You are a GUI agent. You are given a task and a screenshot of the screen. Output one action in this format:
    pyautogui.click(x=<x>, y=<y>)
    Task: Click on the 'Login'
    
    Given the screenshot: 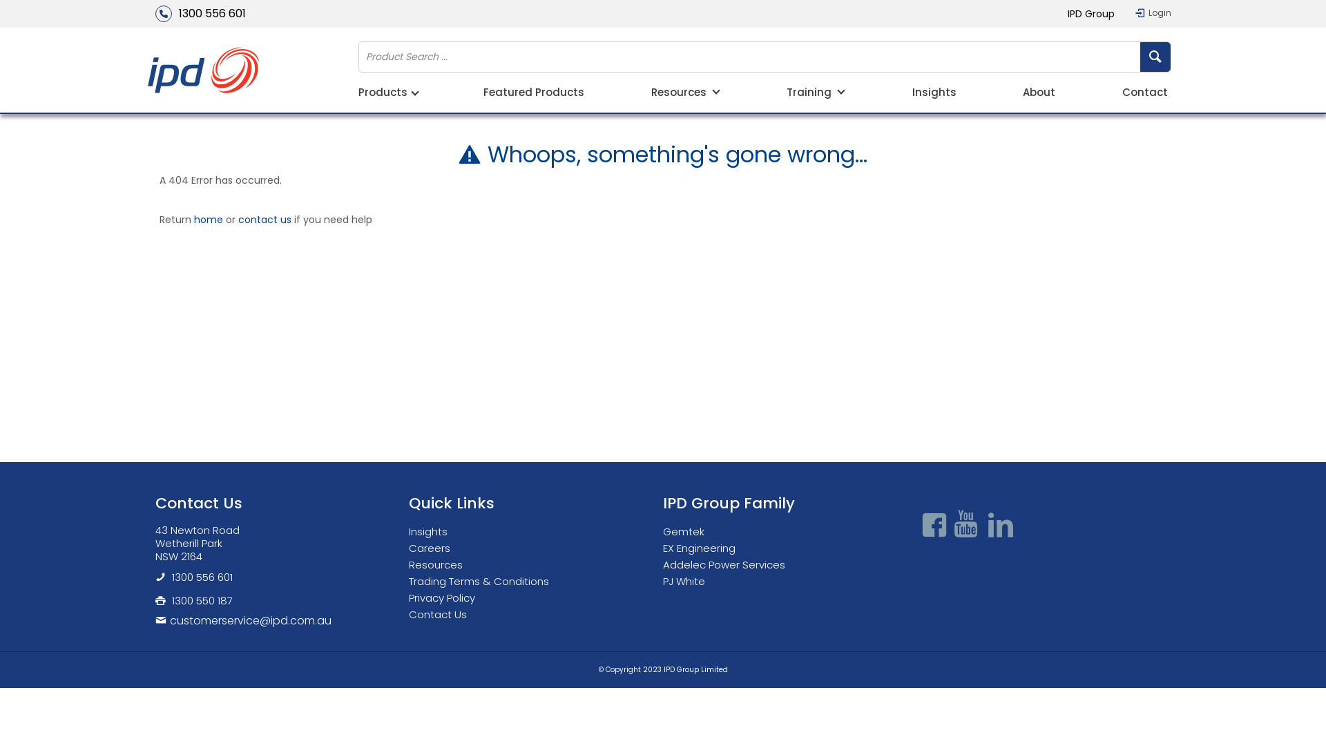 What is the action you would take?
    pyautogui.click(x=1153, y=12)
    